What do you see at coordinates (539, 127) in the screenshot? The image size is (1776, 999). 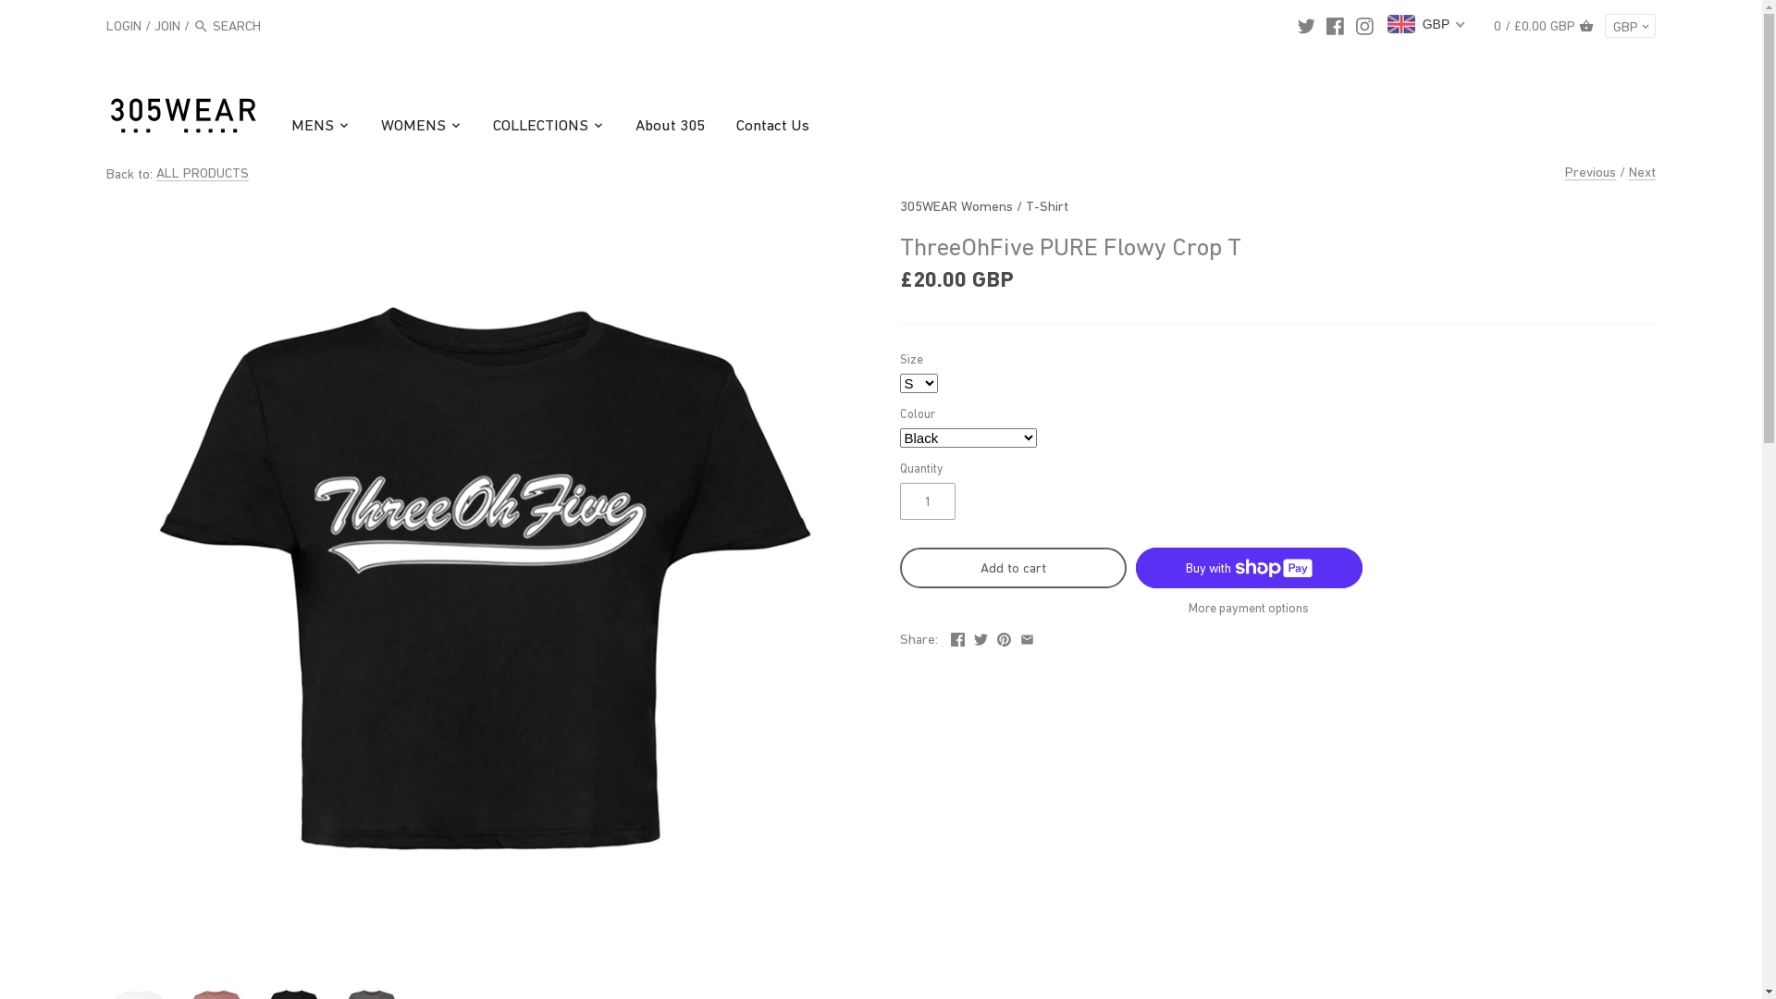 I see `'COLLECTIONS'` at bounding box center [539, 127].